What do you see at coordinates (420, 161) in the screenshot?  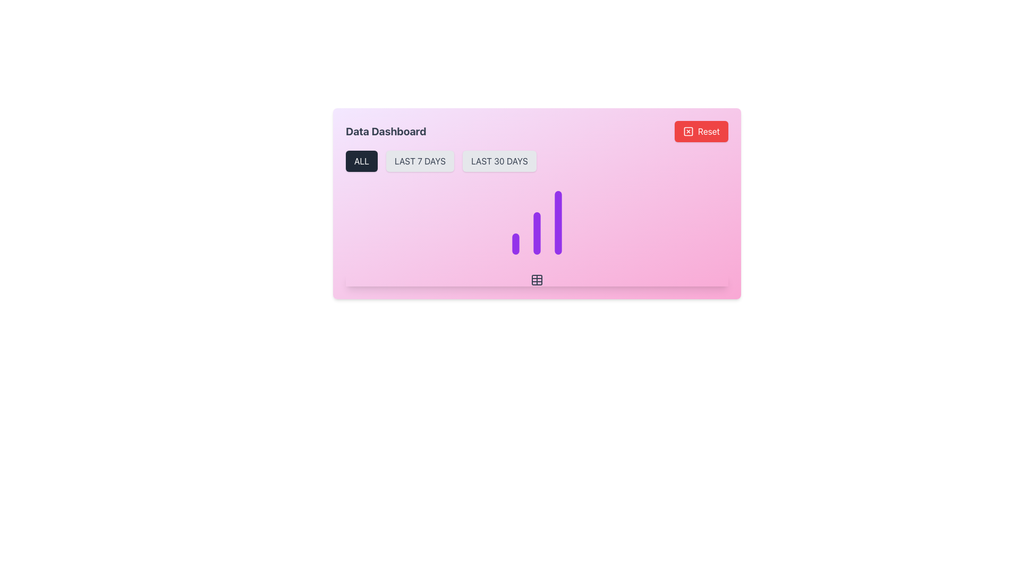 I see `the 'LAST 7 DAYS' button, which is a rounded button with a light gray background and dark gray text, to filter data for the last 7 days` at bounding box center [420, 161].